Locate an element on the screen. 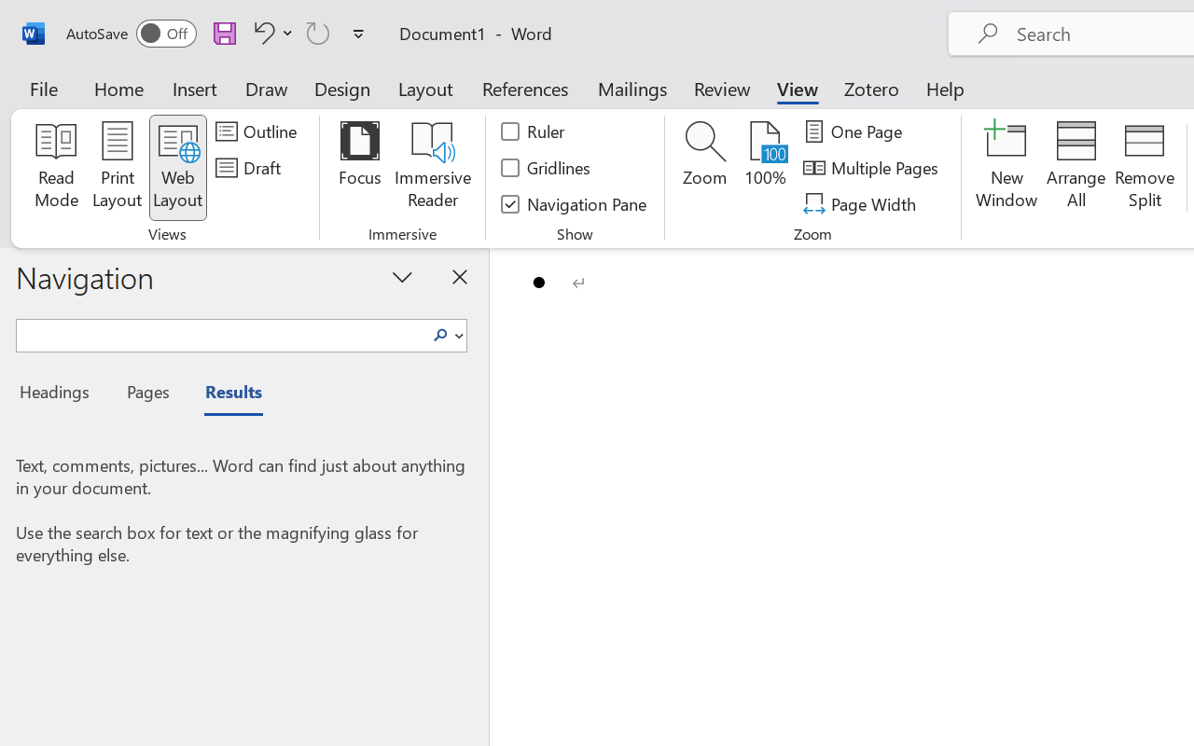 This screenshot has height=746, width=1194. 'Immersive Reader' is located at coordinates (432, 167).